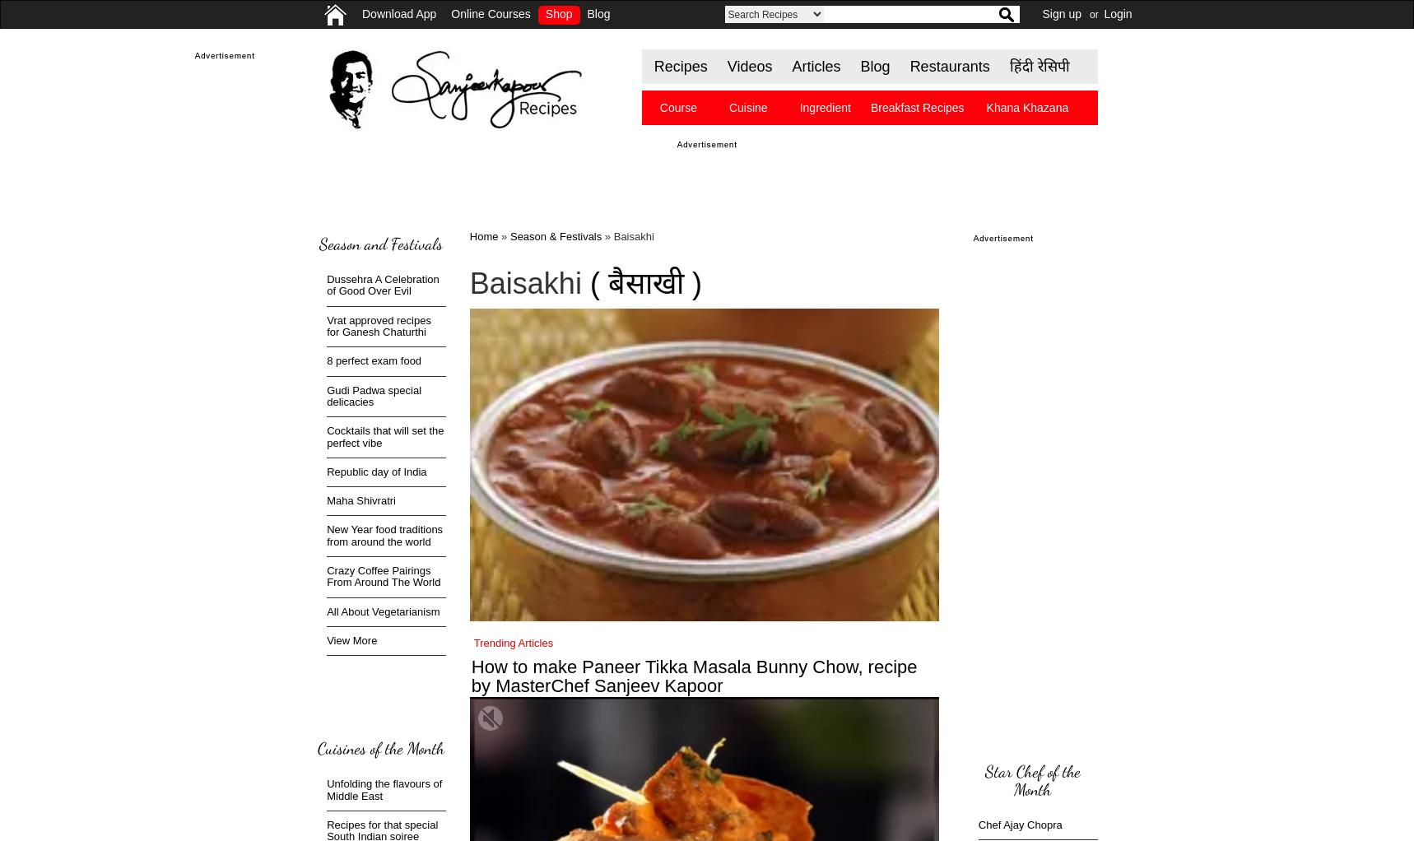  Describe the element at coordinates (915, 108) in the screenshot. I see `'Breakfast Recipes'` at that location.